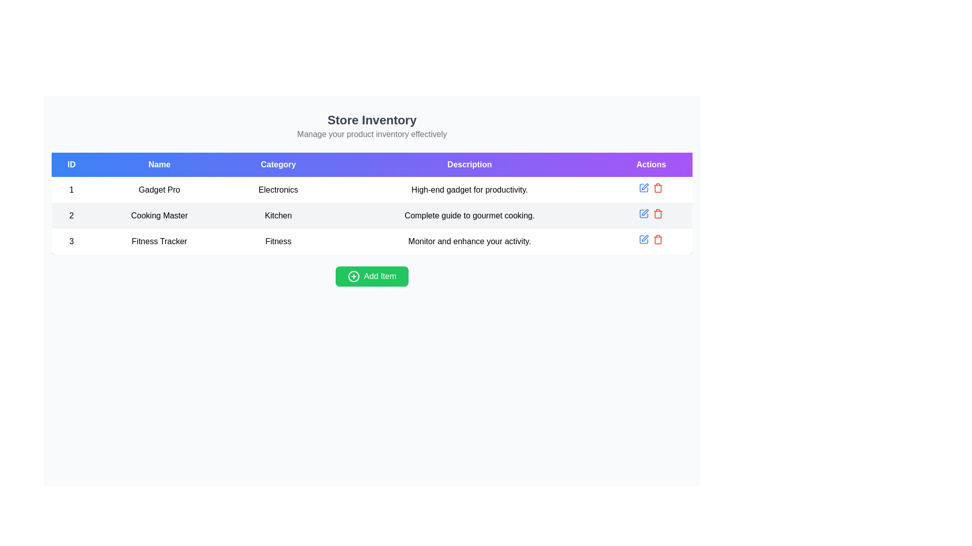 The height and width of the screenshot is (546, 972). Describe the element at coordinates (71, 164) in the screenshot. I see `the static text label displaying 'ID' in white color, which is part of the horizontal table header and positioned as the first item in the row` at that location.